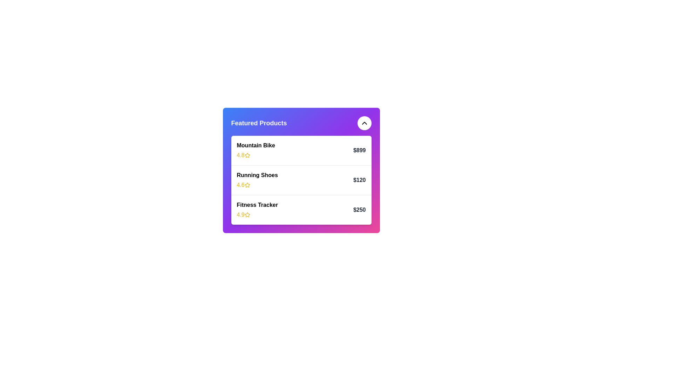 The height and width of the screenshot is (378, 673). Describe the element at coordinates (247, 214) in the screenshot. I see `the yellow star icon used for rating purposes associated with the last product entry 'Fitness Tracker' with a rating of '4.9'` at that location.